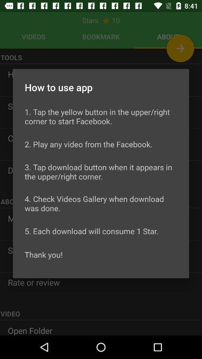 Image resolution: width=202 pixels, height=359 pixels. I want to click on item below 5 each download, so click(43, 255).